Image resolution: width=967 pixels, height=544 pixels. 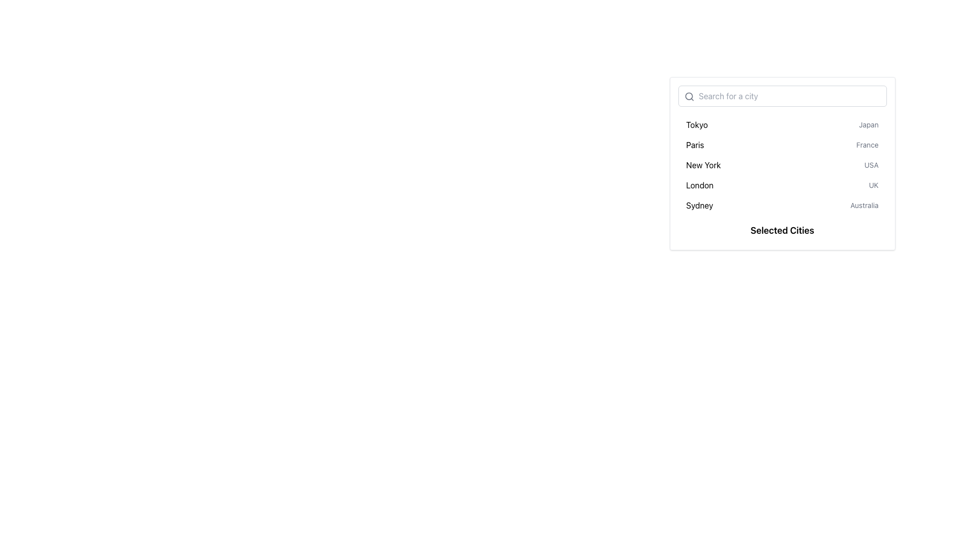 I want to click on the list item for 'London' in the vertical menu by tapping on it, so click(x=782, y=185).